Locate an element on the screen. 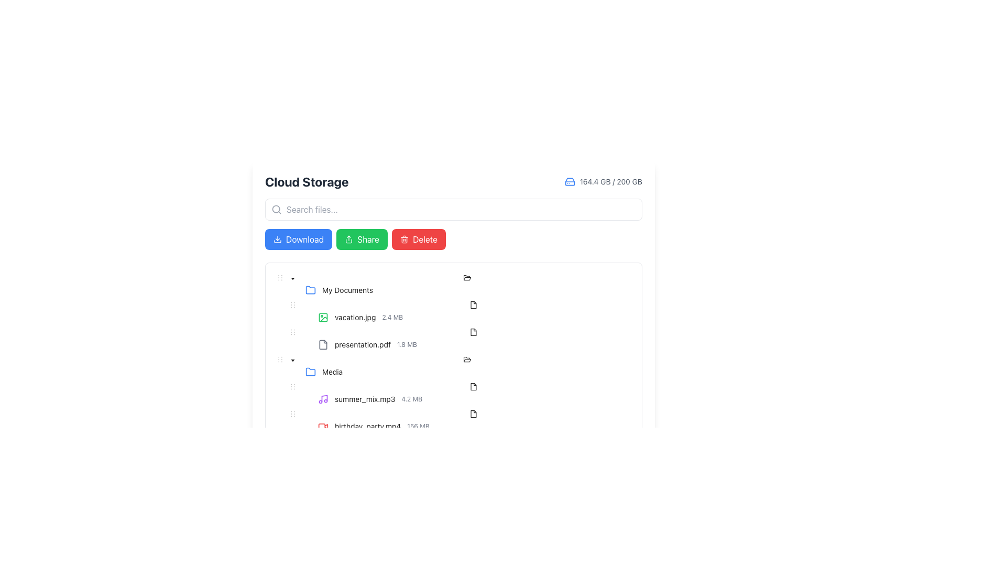  the Toggle control (tree node expander) is located at coordinates (292, 365).